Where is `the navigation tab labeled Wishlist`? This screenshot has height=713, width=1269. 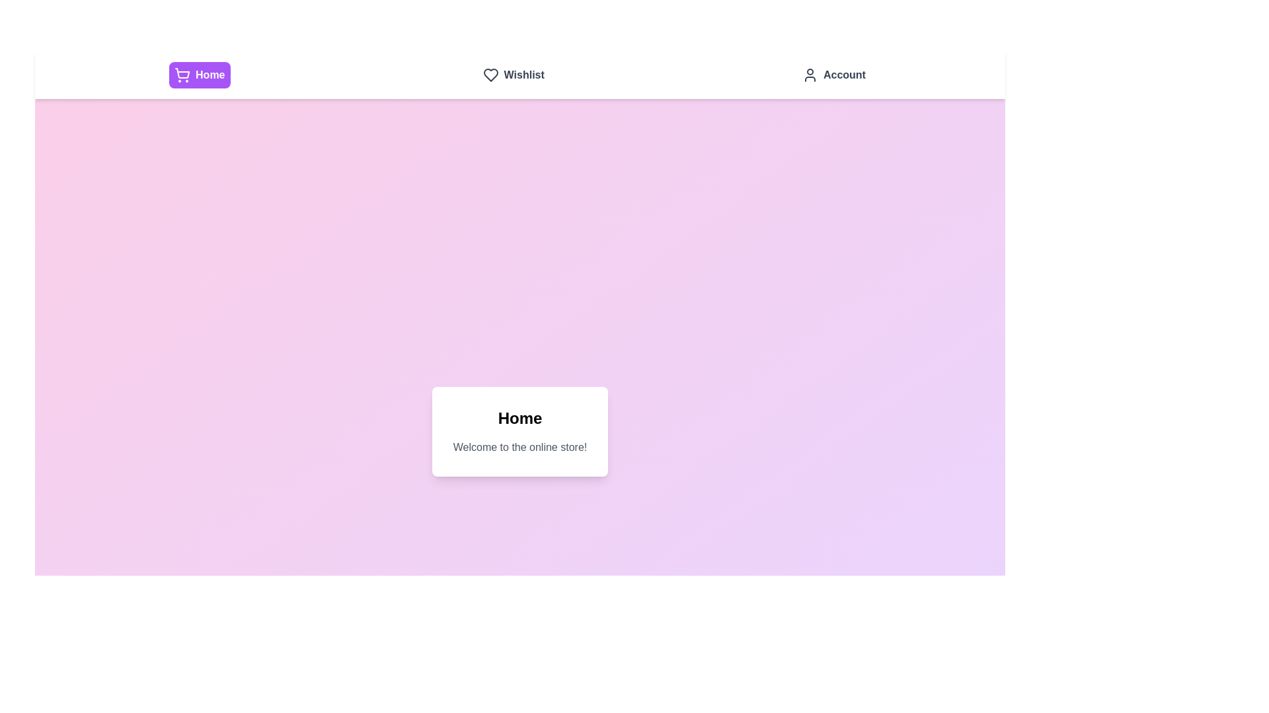
the navigation tab labeled Wishlist is located at coordinates (513, 75).